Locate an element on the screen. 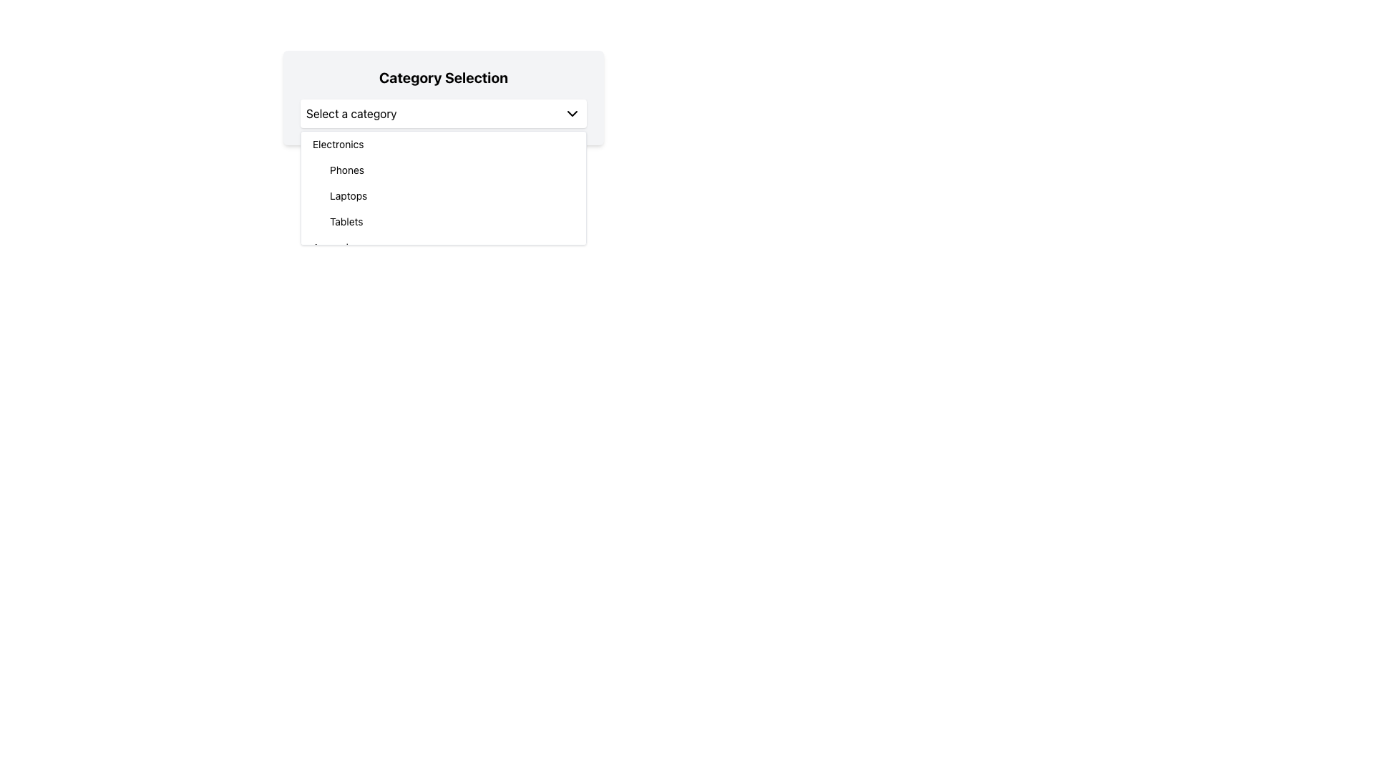  the Dropdown menu for category selection located within the card labeled 'Category Selection' is located at coordinates (442, 112).